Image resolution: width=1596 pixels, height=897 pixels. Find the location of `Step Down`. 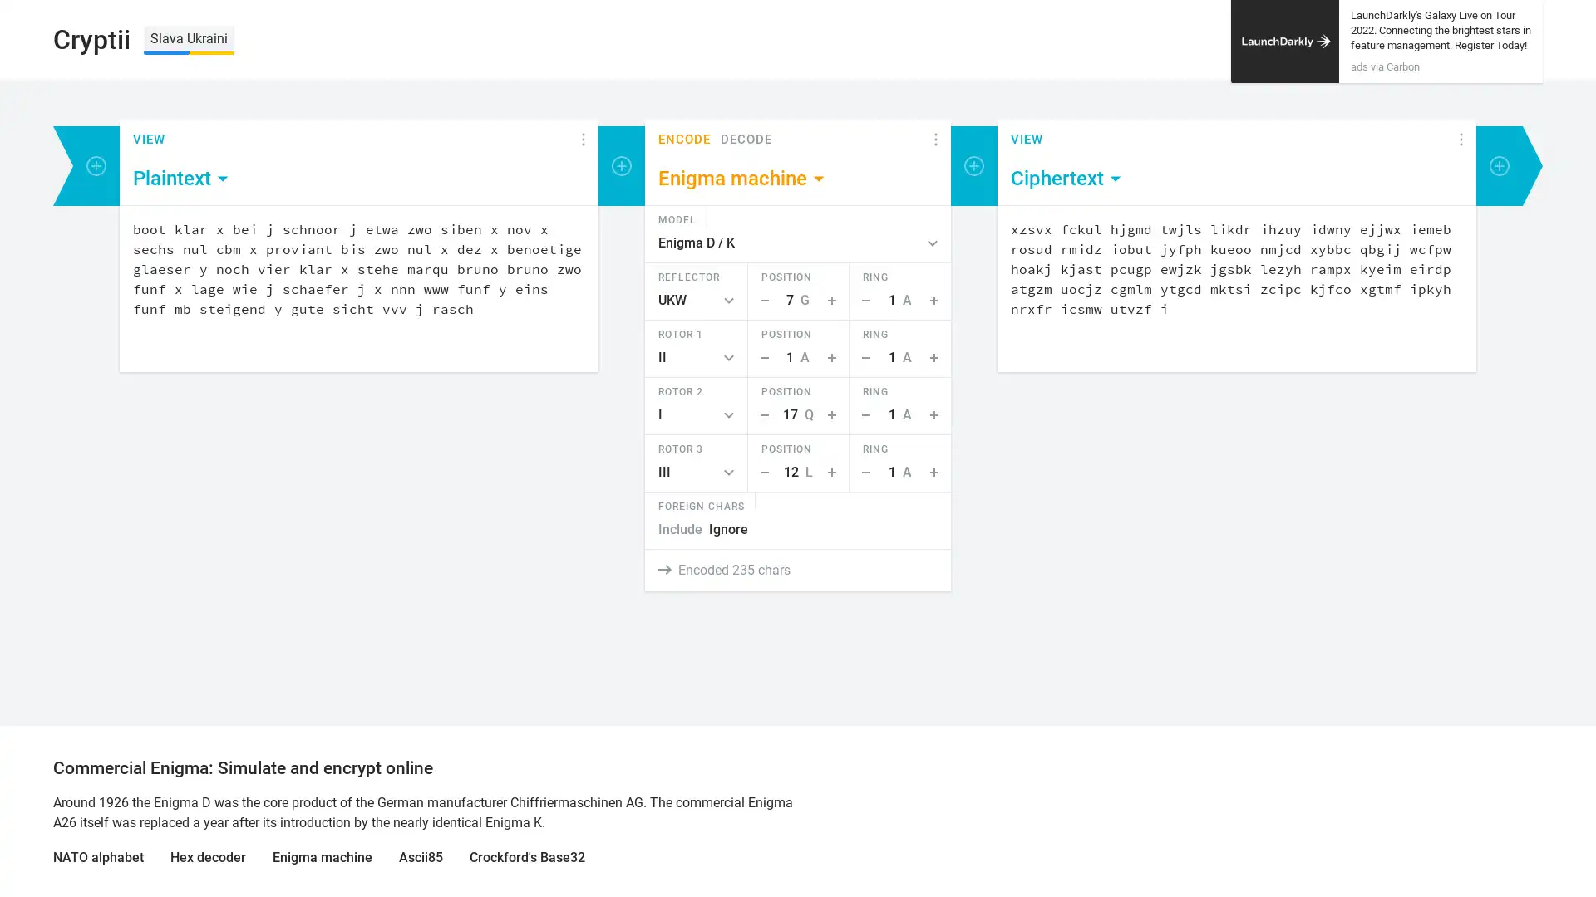

Step Down is located at coordinates (862, 414).